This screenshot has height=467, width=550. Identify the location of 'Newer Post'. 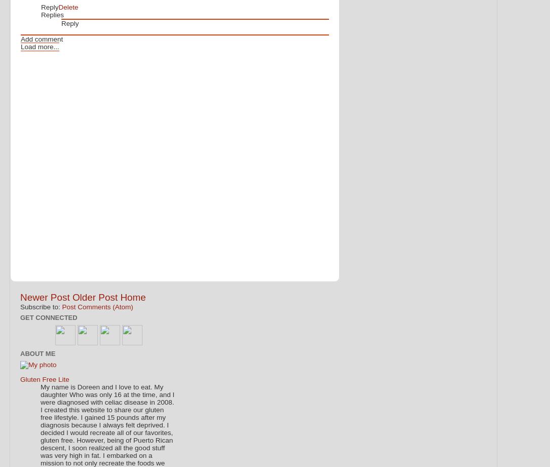
(44, 296).